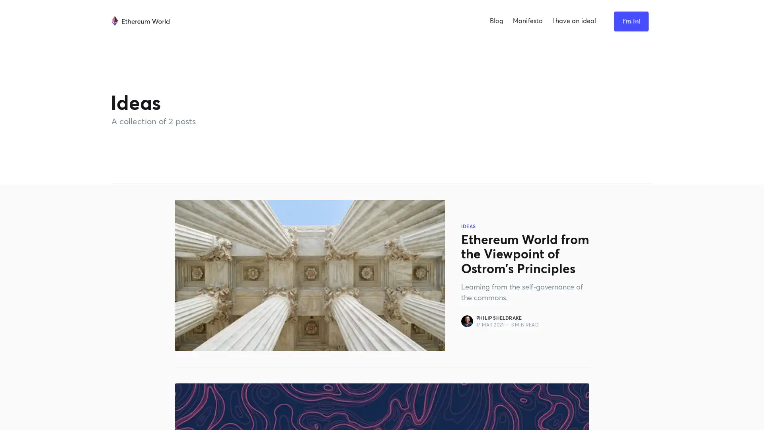 The height and width of the screenshot is (430, 764). What do you see at coordinates (464, 226) in the screenshot?
I see `Subscribe` at bounding box center [464, 226].